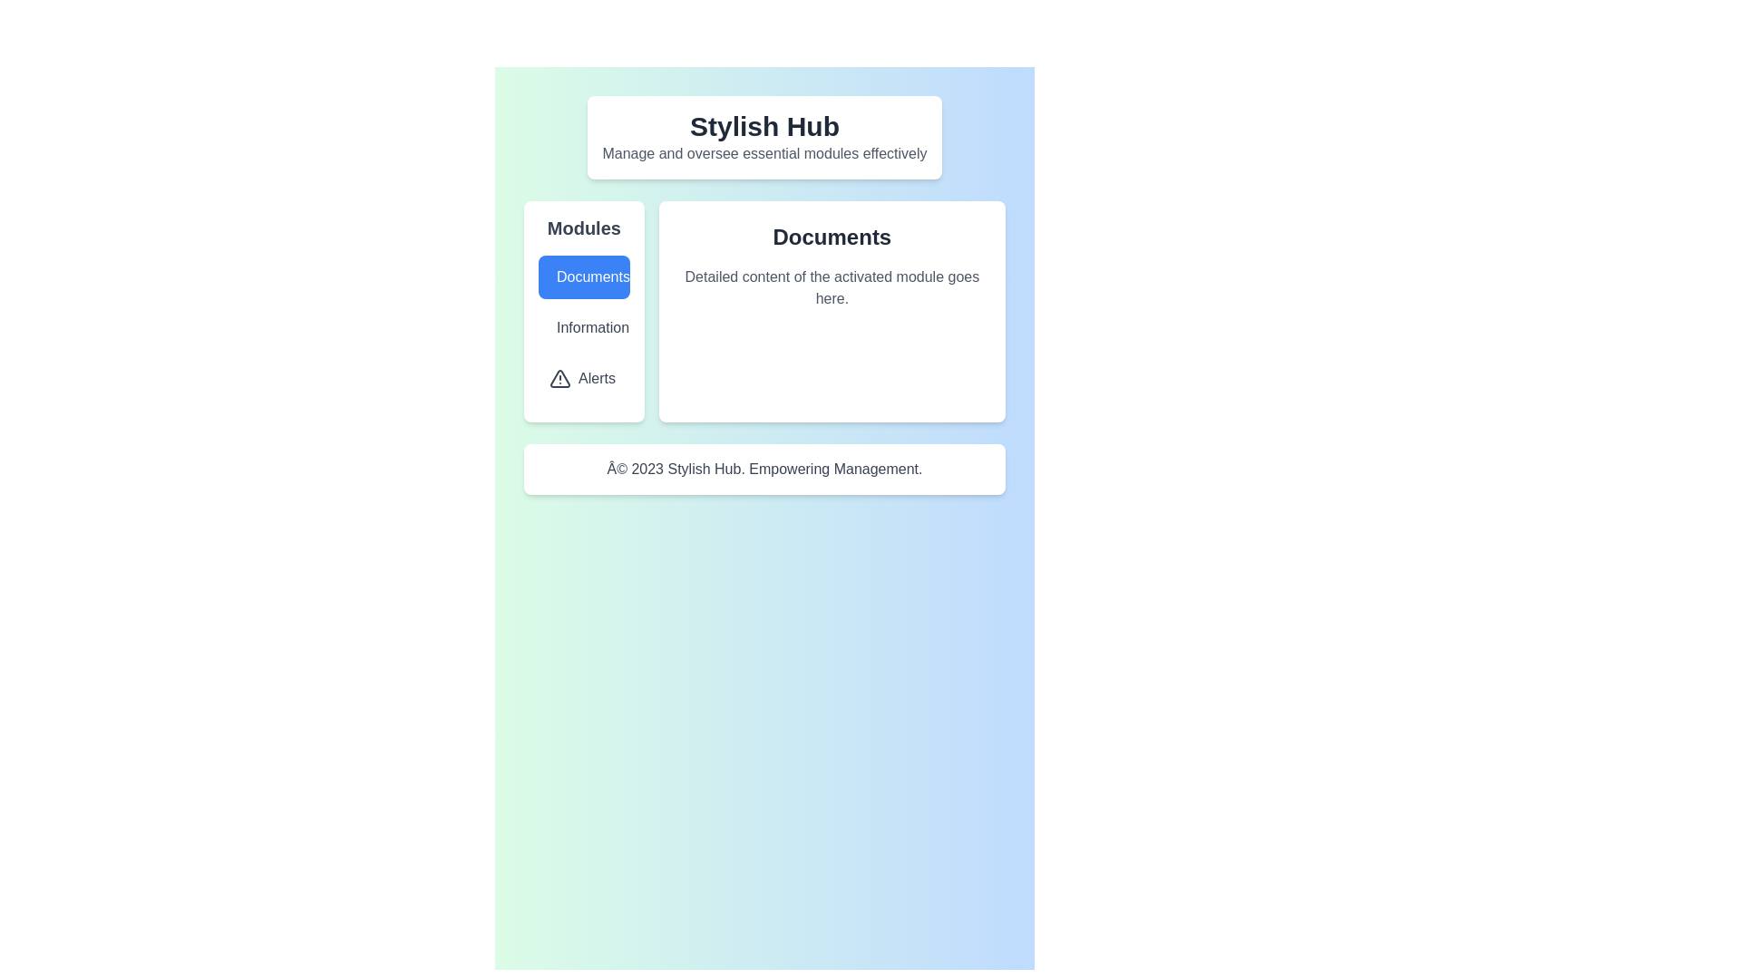  Describe the element at coordinates (831, 286) in the screenshot. I see `the Text Label located beneath the 'Documents' heading, which states 'Detailed content of the activated module goes here.'` at that location.